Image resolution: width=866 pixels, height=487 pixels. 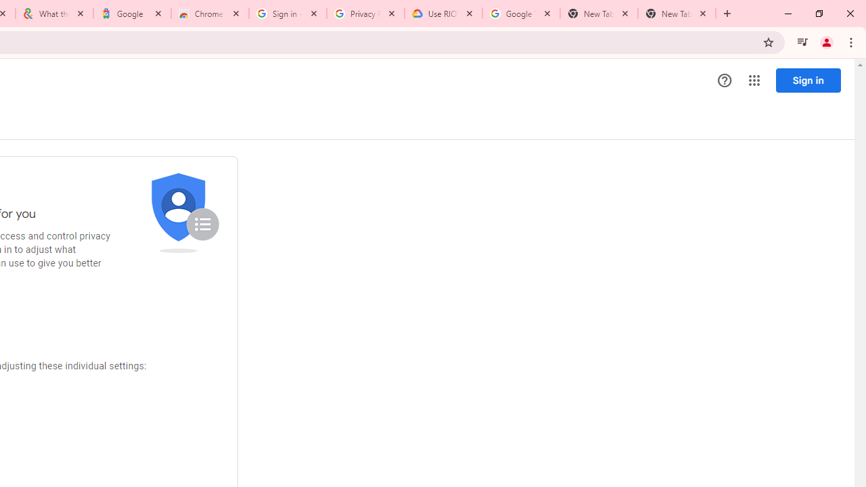 I want to click on 'Sign in - Google Accounts', so click(x=286, y=14).